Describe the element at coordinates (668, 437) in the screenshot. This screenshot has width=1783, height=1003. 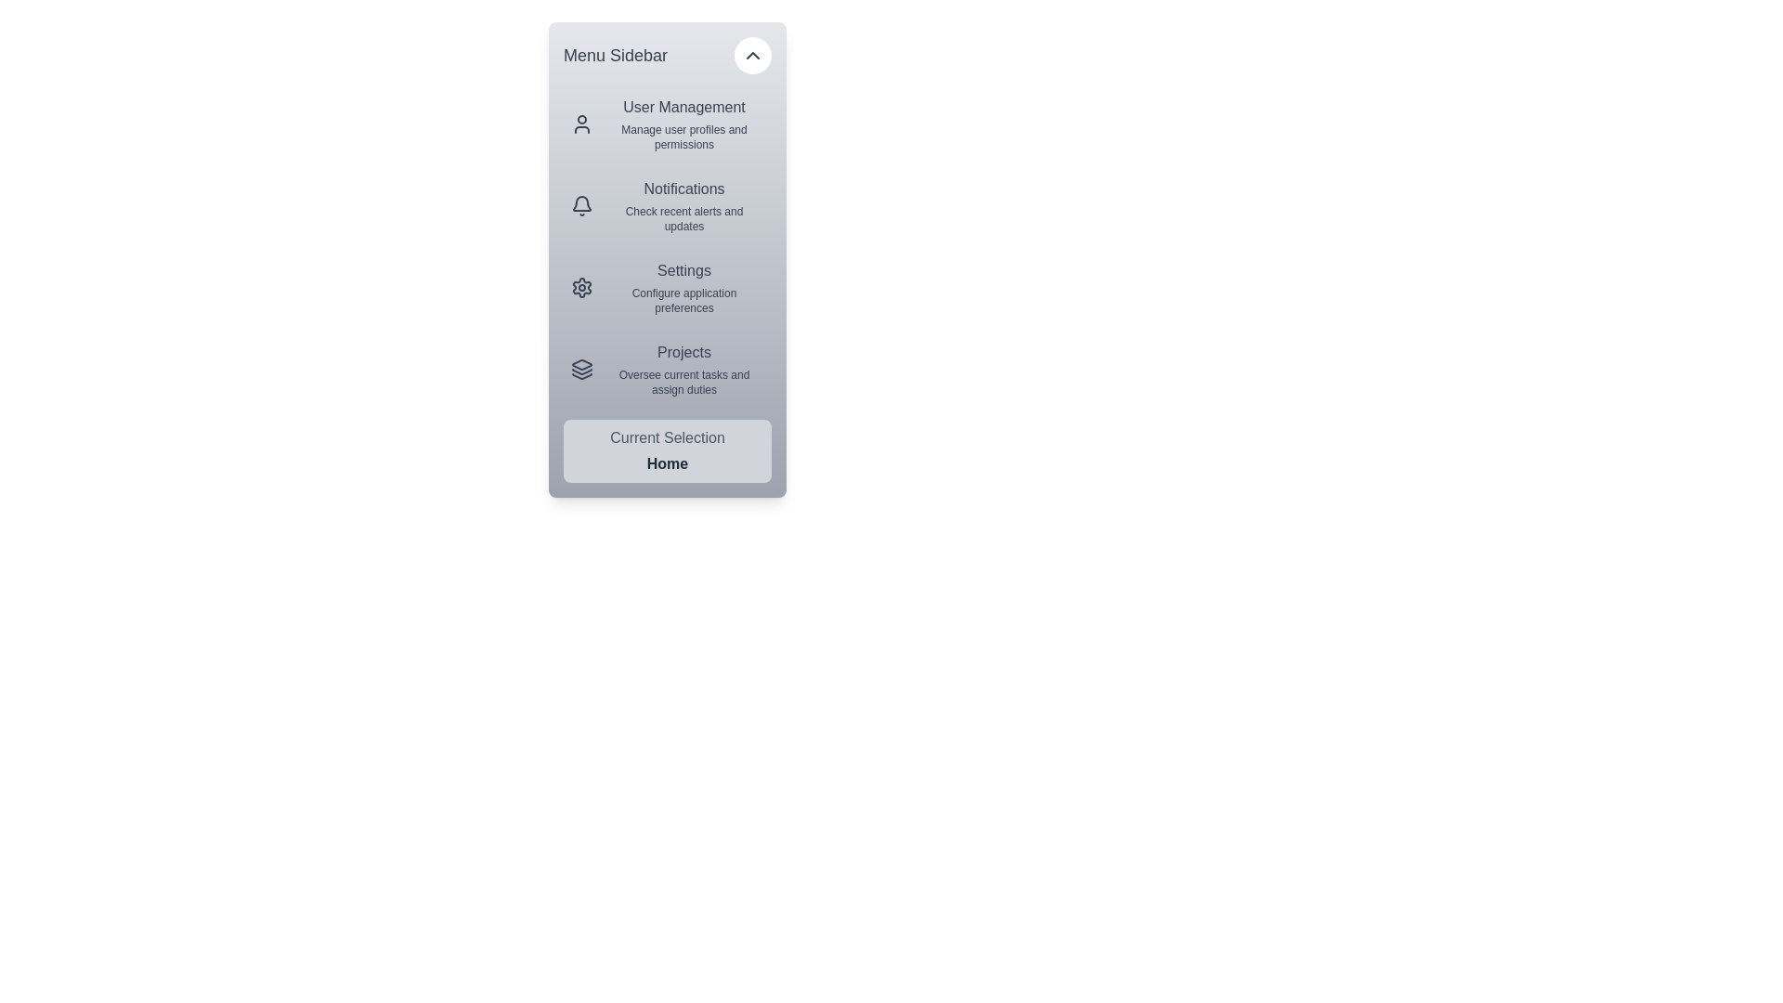
I see `the 'Current Selection' text label, which is styled in gray and located above the 'Home' label in the sidebar panel` at that location.